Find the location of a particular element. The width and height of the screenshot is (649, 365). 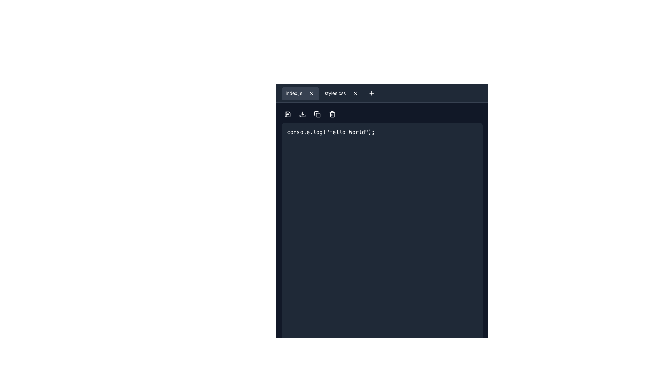

the 'styles.css' tab in the tabbed interface is located at coordinates (322, 93).